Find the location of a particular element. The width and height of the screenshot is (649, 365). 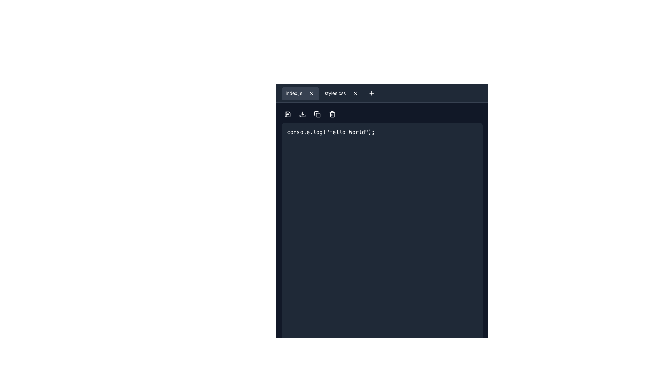

the 'styles.css' tab in the tabbed interface is located at coordinates (322, 93).